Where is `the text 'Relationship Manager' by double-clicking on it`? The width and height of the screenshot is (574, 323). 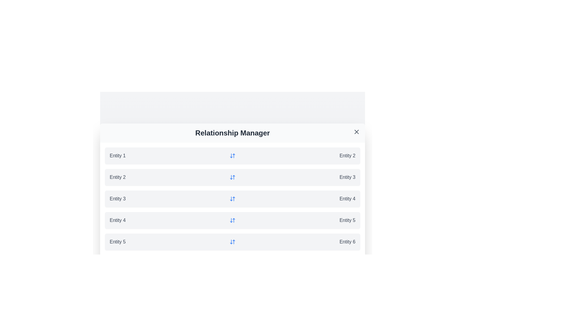 the text 'Relationship Manager' by double-clicking on it is located at coordinates (232, 132).